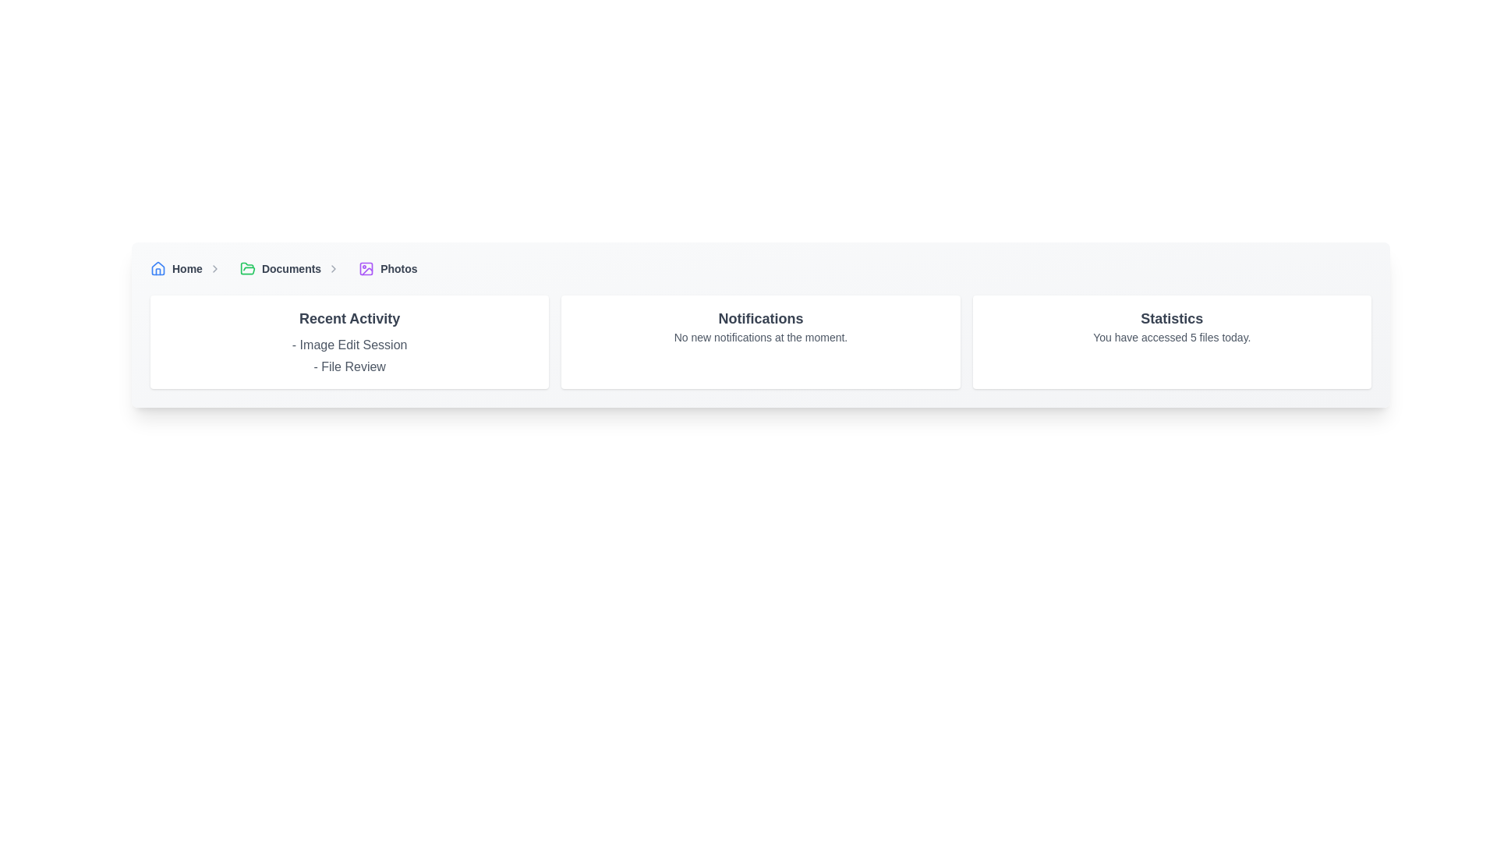 The image size is (1497, 842). Describe the element at coordinates (292, 267) in the screenshot. I see `the 'Documents' label in the breadcrumb navigation bar, which is displayed in bold grayish text and located between the green folder icon and the 'Photos' item` at that location.